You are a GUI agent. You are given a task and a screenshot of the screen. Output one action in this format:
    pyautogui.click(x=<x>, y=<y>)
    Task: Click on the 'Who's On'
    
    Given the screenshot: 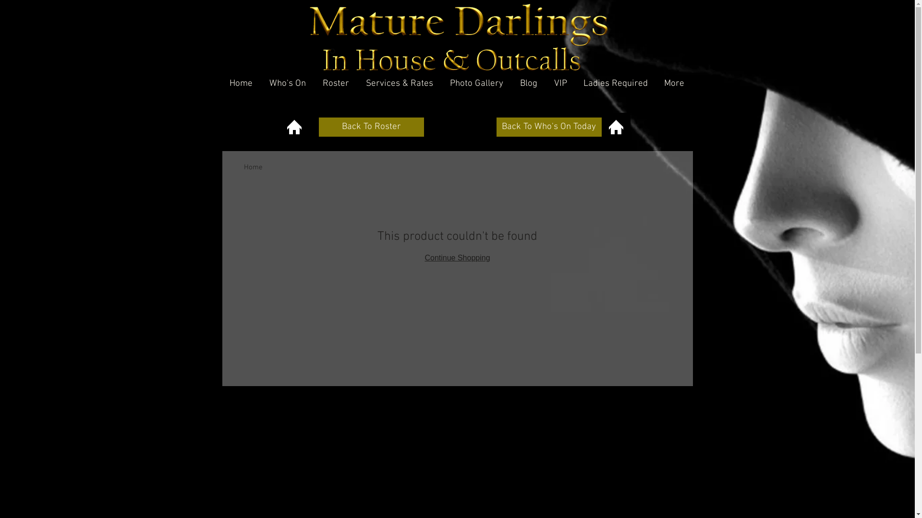 What is the action you would take?
    pyautogui.click(x=287, y=83)
    